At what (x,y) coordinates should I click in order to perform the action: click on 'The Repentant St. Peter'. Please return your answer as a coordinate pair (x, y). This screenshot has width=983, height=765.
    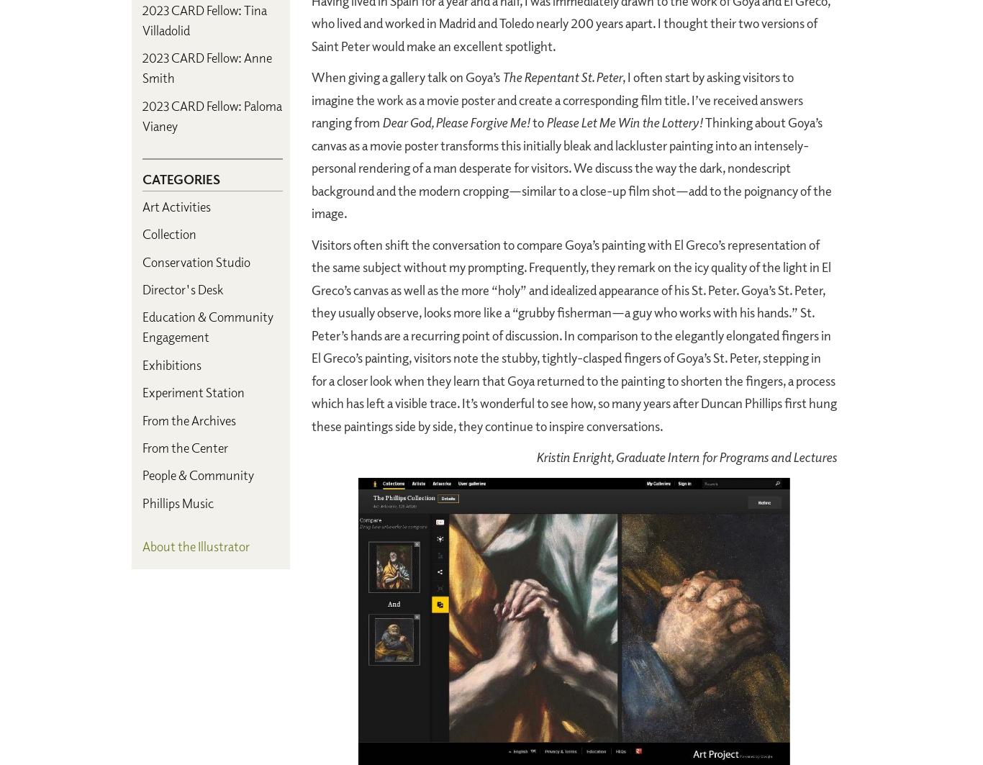
    Looking at the image, I should click on (562, 77).